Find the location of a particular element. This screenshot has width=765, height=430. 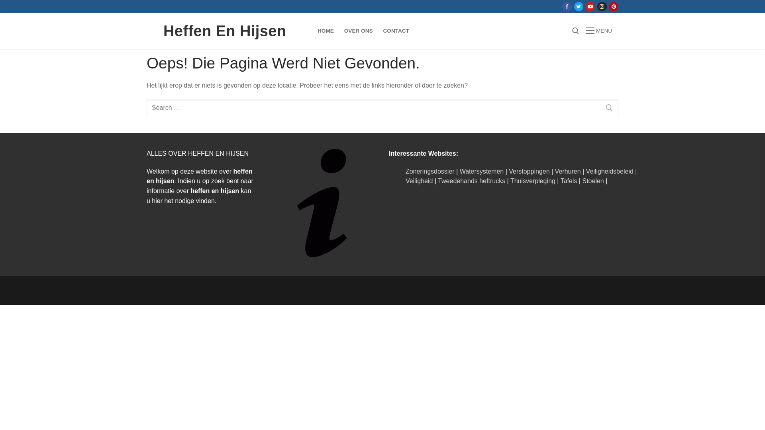

'Heffen En Hijsen' is located at coordinates (224, 30).